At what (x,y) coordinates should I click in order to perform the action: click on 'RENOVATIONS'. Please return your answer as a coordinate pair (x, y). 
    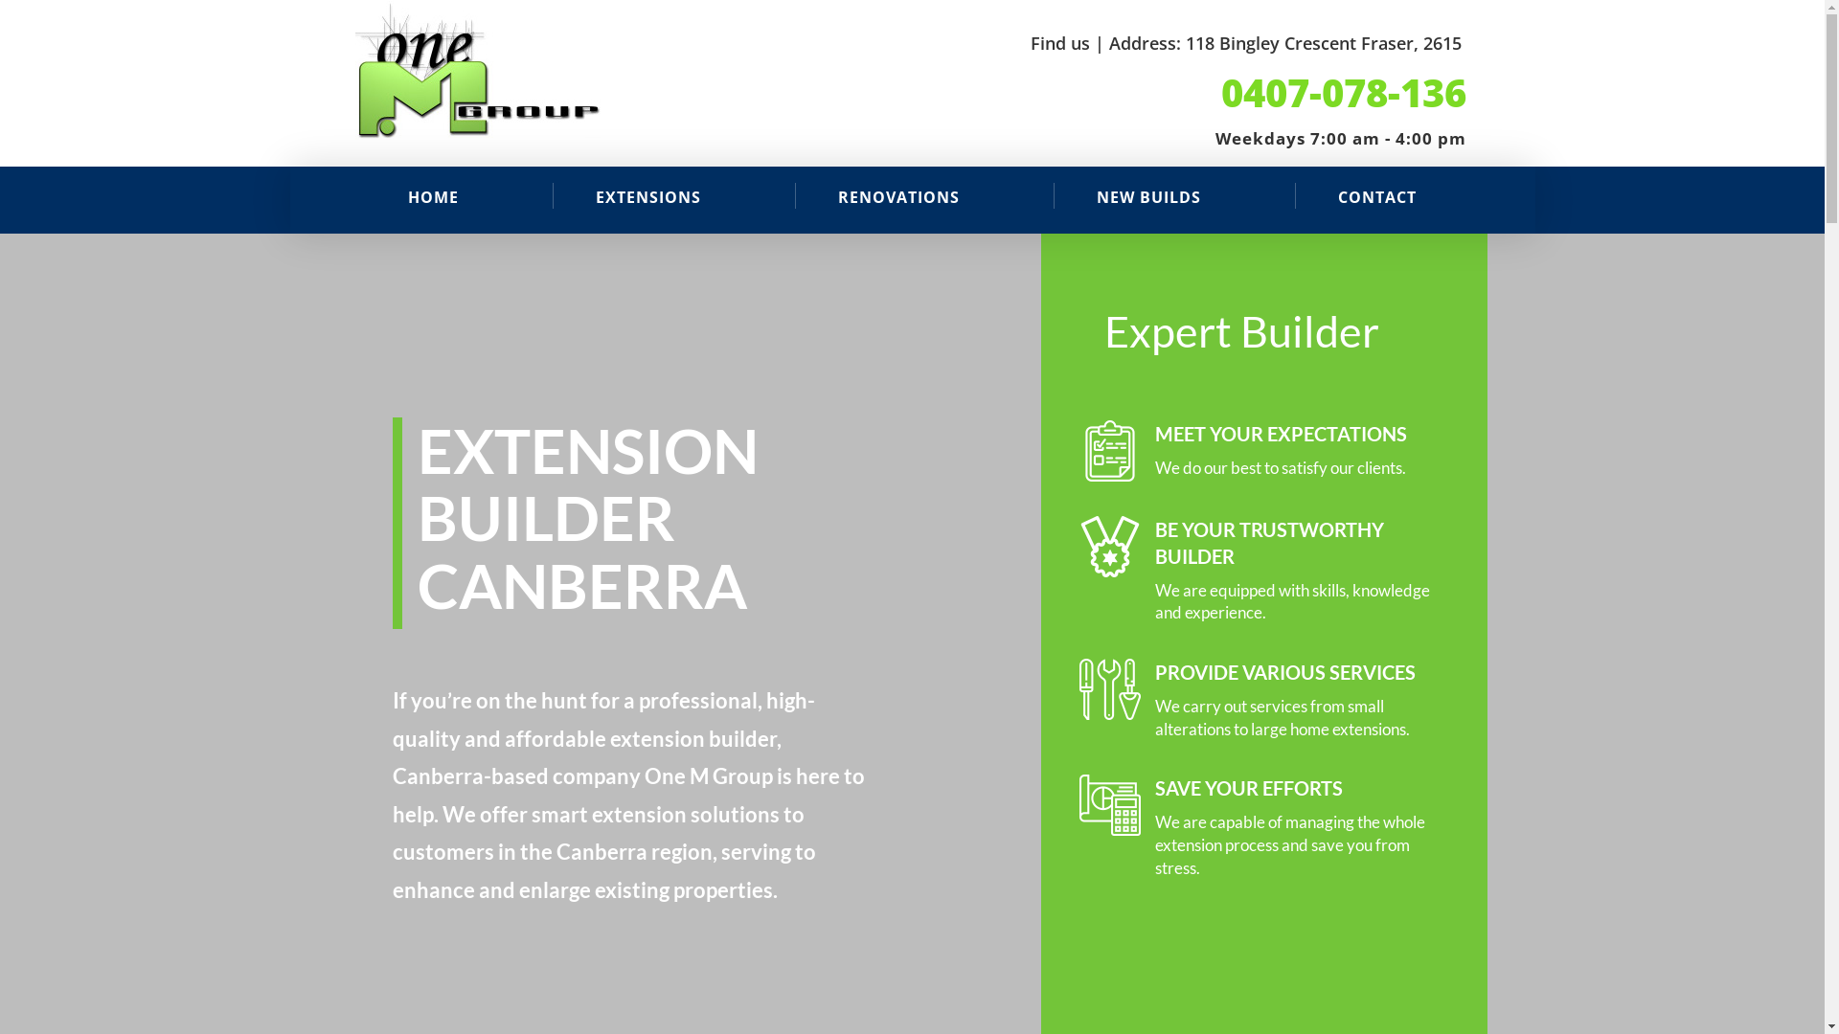
    Looking at the image, I should click on (897, 196).